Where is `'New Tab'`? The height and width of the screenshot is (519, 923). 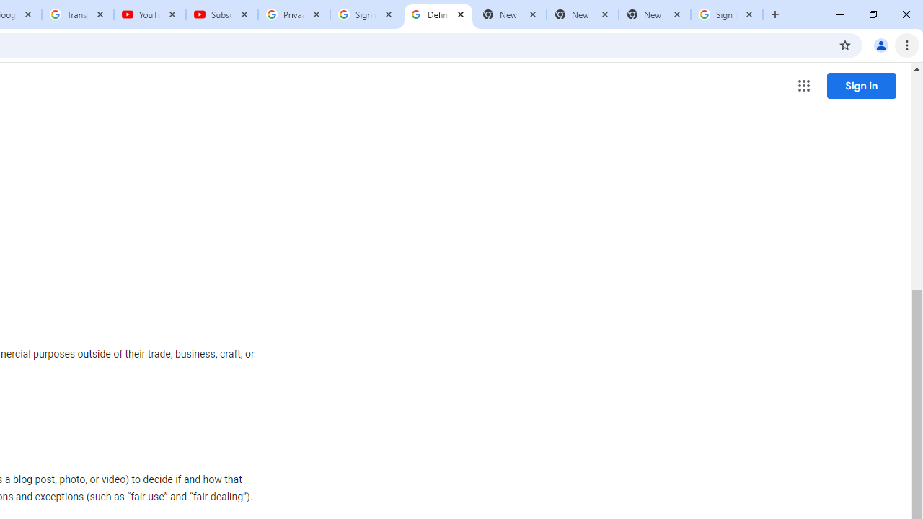
'New Tab' is located at coordinates (653, 14).